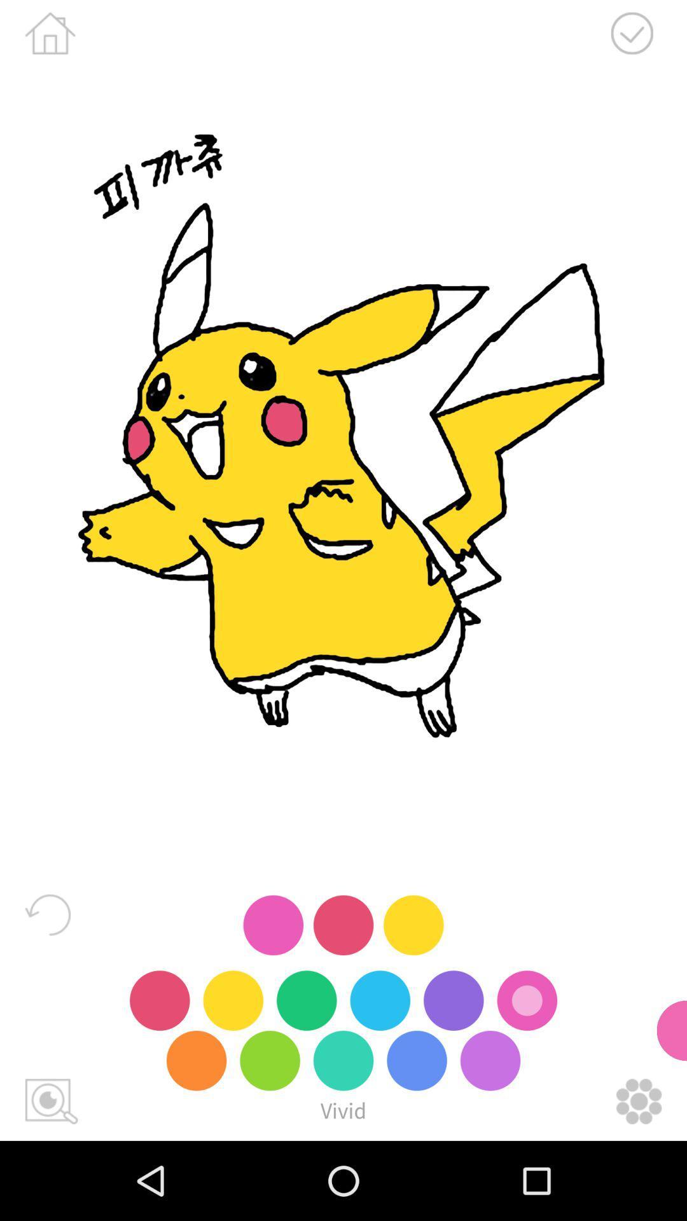 The height and width of the screenshot is (1221, 687). Describe the element at coordinates (632, 33) in the screenshot. I see `the check mark in order to continue` at that location.